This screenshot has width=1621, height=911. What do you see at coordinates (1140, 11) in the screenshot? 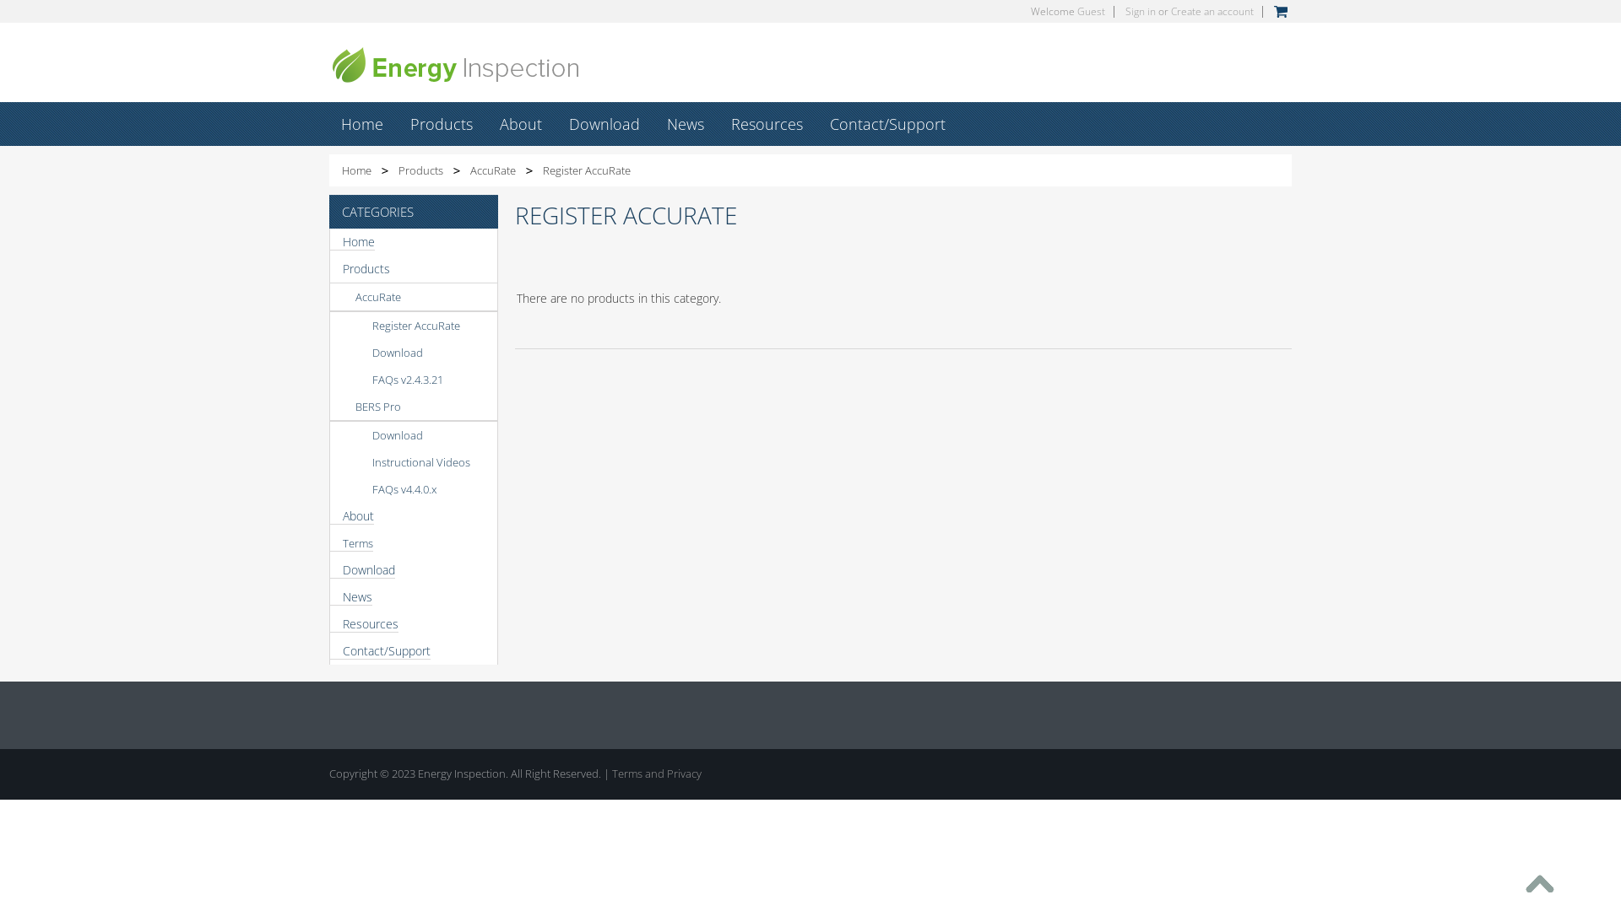
I see `'Sign in'` at bounding box center [1140, 11].